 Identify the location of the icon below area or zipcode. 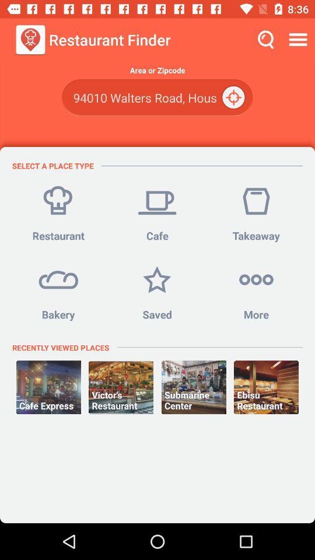
(235, 97).